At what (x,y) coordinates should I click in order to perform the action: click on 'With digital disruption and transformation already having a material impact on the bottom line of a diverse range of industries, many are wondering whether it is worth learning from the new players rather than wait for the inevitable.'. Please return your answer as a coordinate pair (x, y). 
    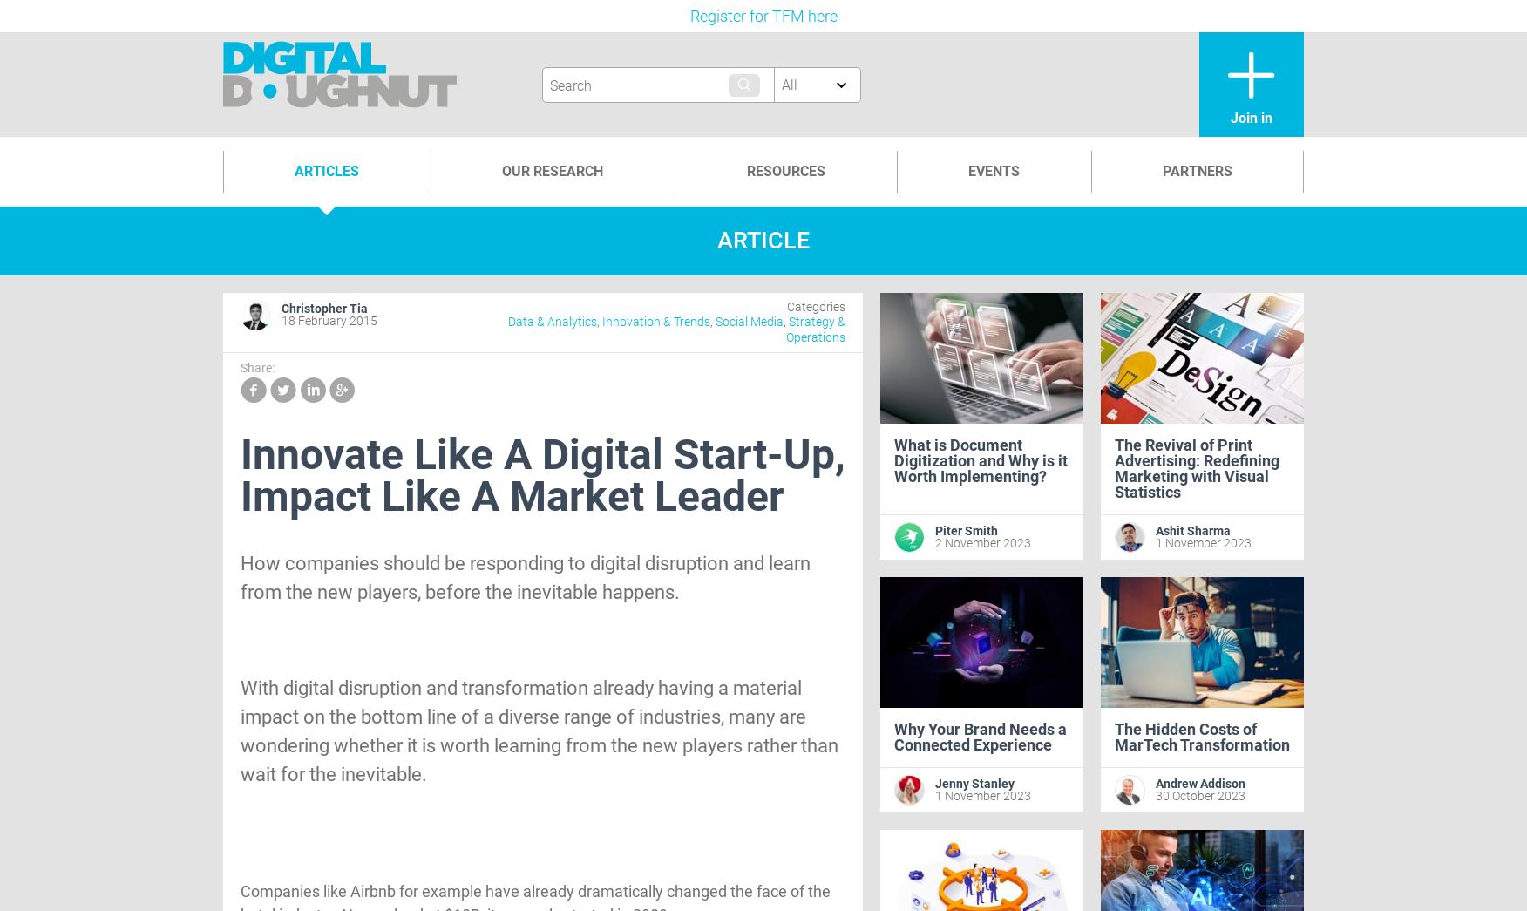
    Looking at the image, I should click on (539, 731).